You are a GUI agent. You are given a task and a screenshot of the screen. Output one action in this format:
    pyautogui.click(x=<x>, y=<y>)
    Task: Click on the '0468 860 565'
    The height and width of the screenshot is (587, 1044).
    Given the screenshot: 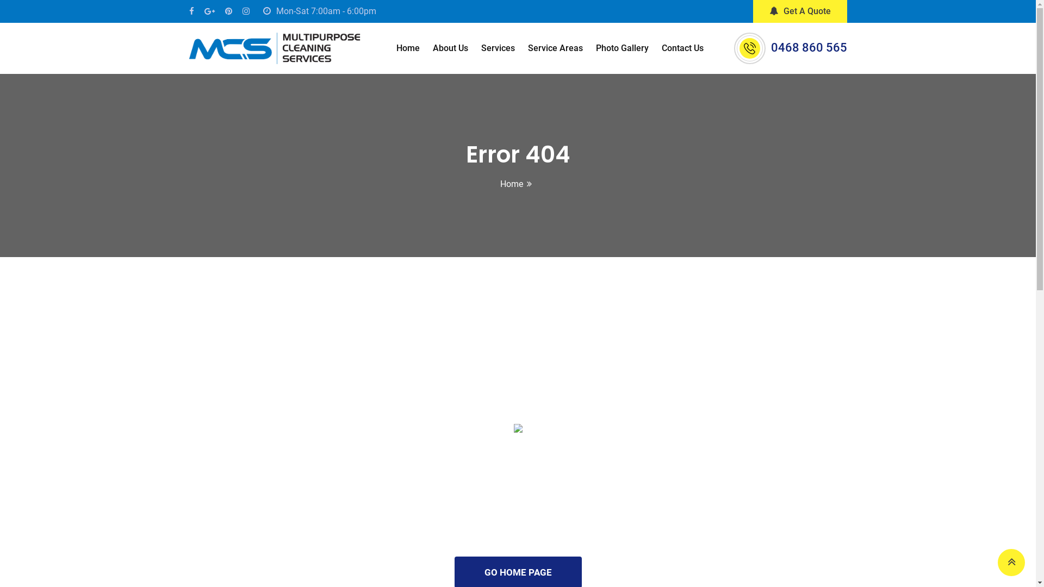 What is the action you would take?
    pyautogui.click(x=809, y=47)
    